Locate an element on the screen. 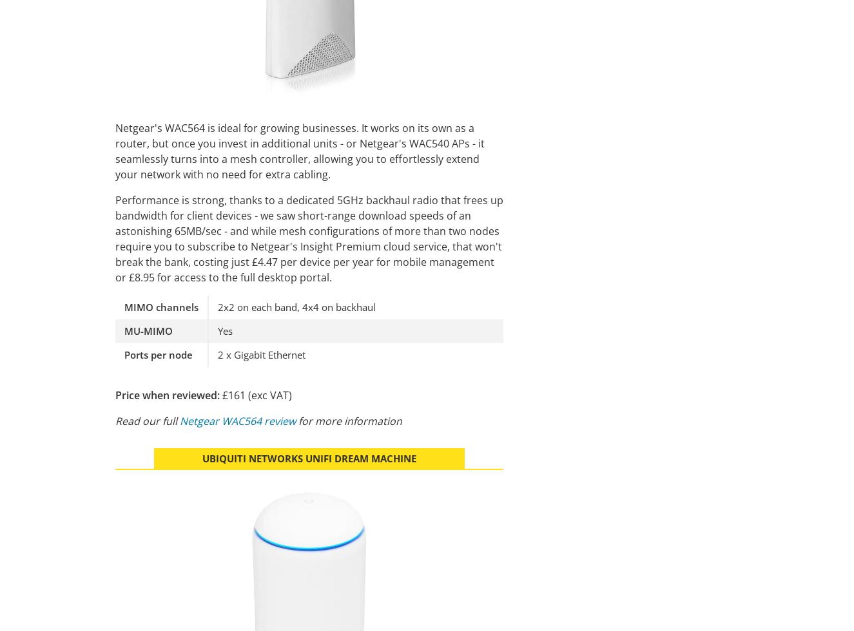  'MIMO channels' is located at coordinates (161, 306).